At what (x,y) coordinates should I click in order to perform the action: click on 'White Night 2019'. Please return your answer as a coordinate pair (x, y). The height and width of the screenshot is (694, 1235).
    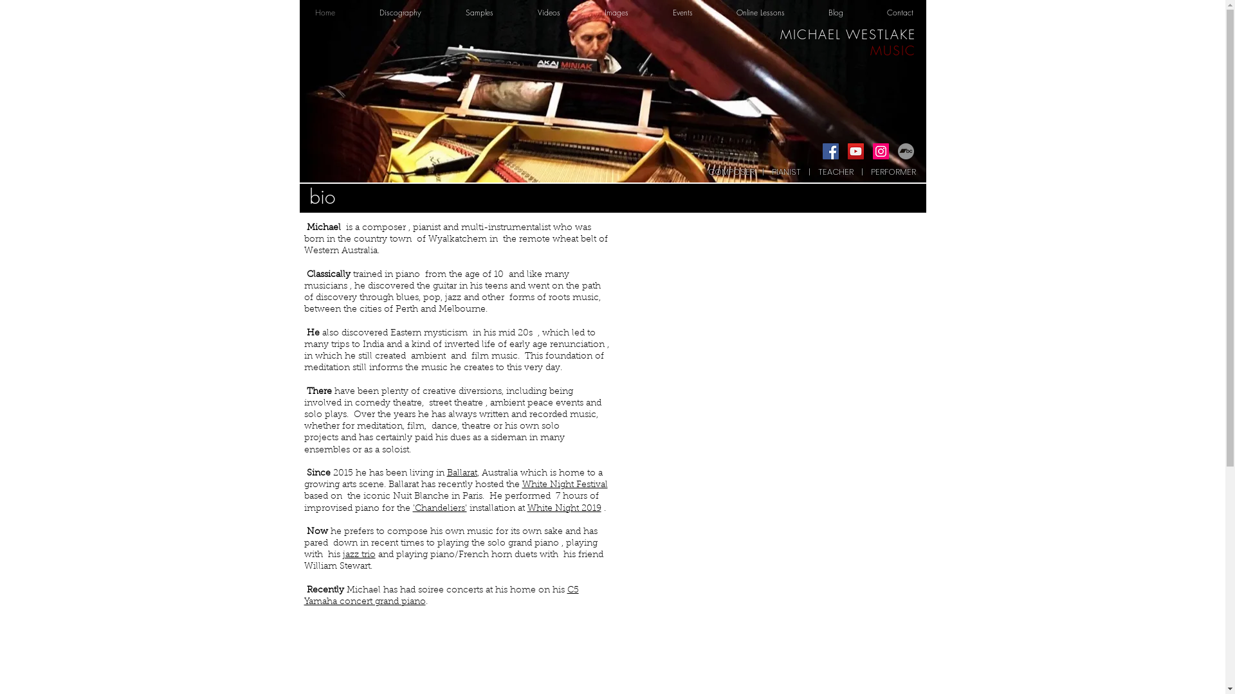
    Looking at the image, I should click on (564, 507).